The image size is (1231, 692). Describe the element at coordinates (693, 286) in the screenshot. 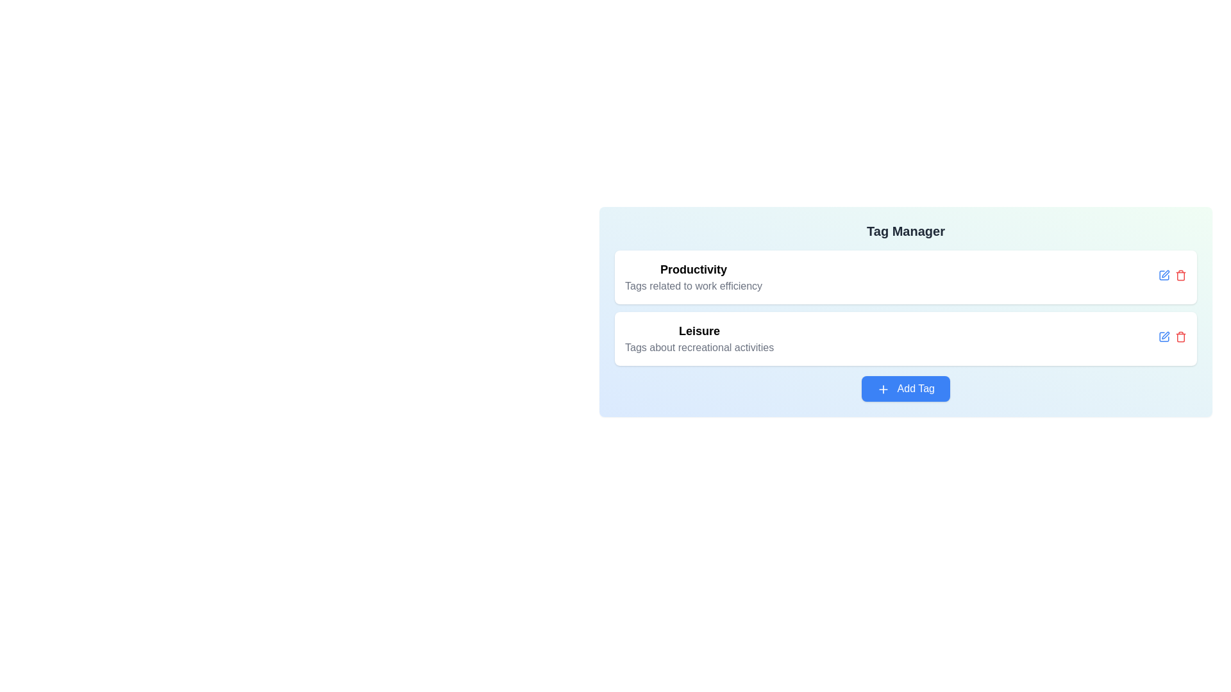

I see `the Text Label displaying 'Tags related to work efficiency' located below the title 'Productivity'` at that location.